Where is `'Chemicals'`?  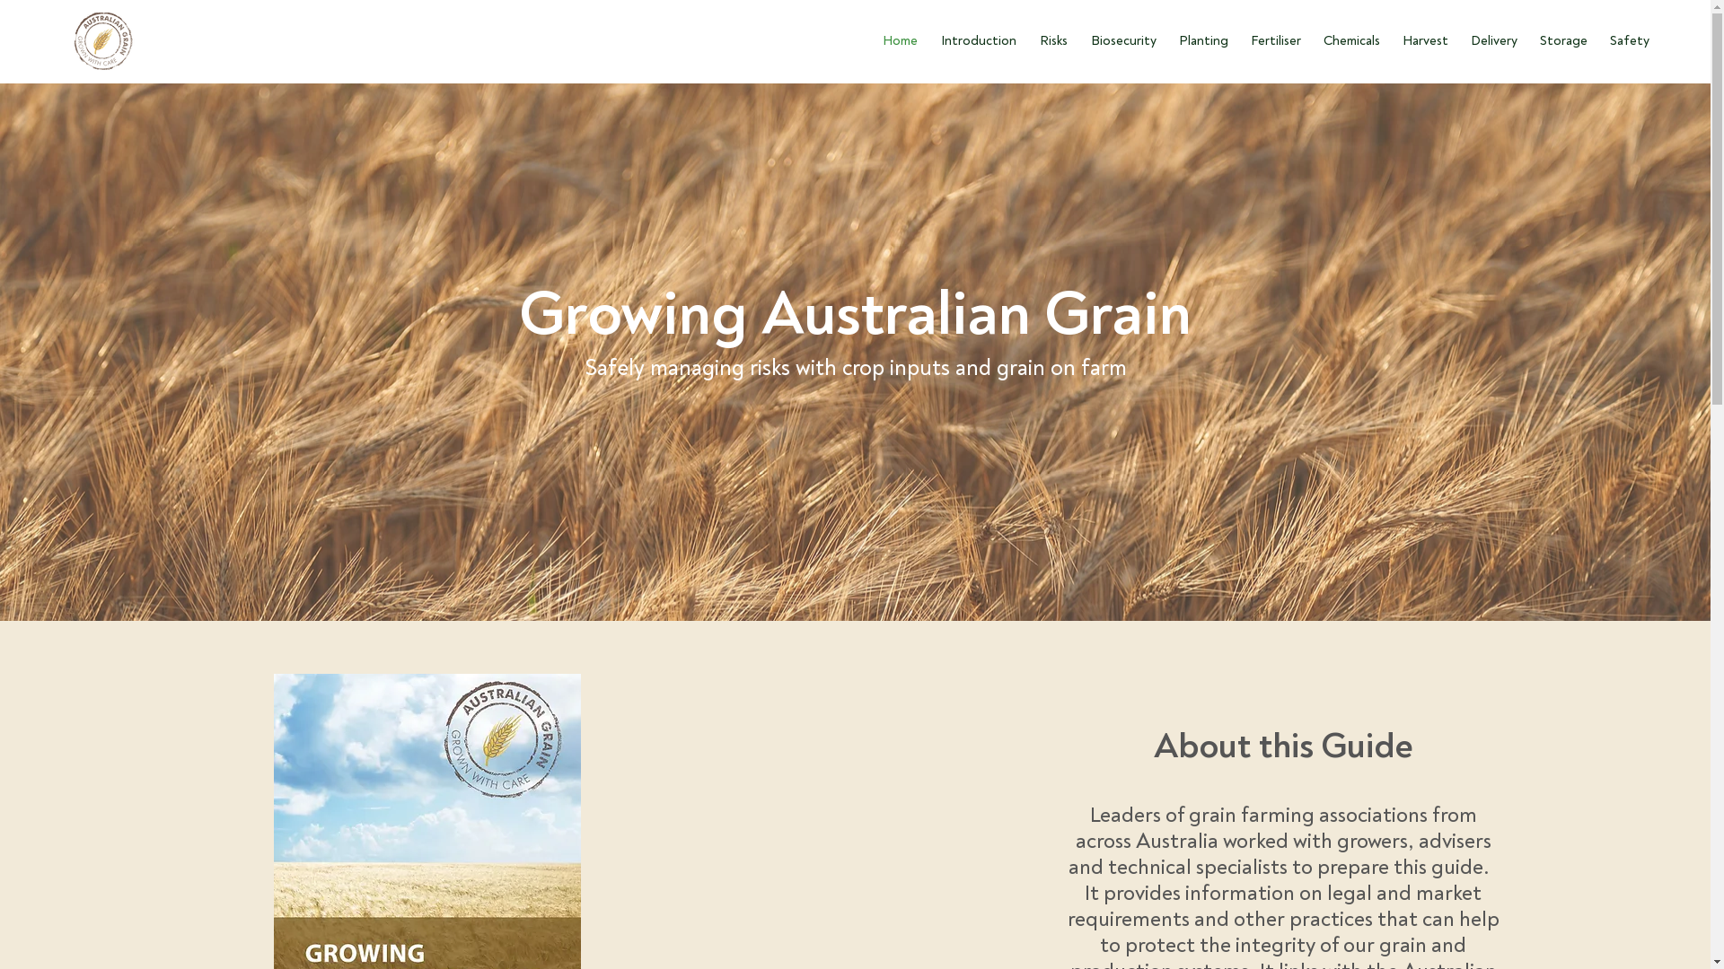 'Chemicals' is located at coordinates (1349, 40).